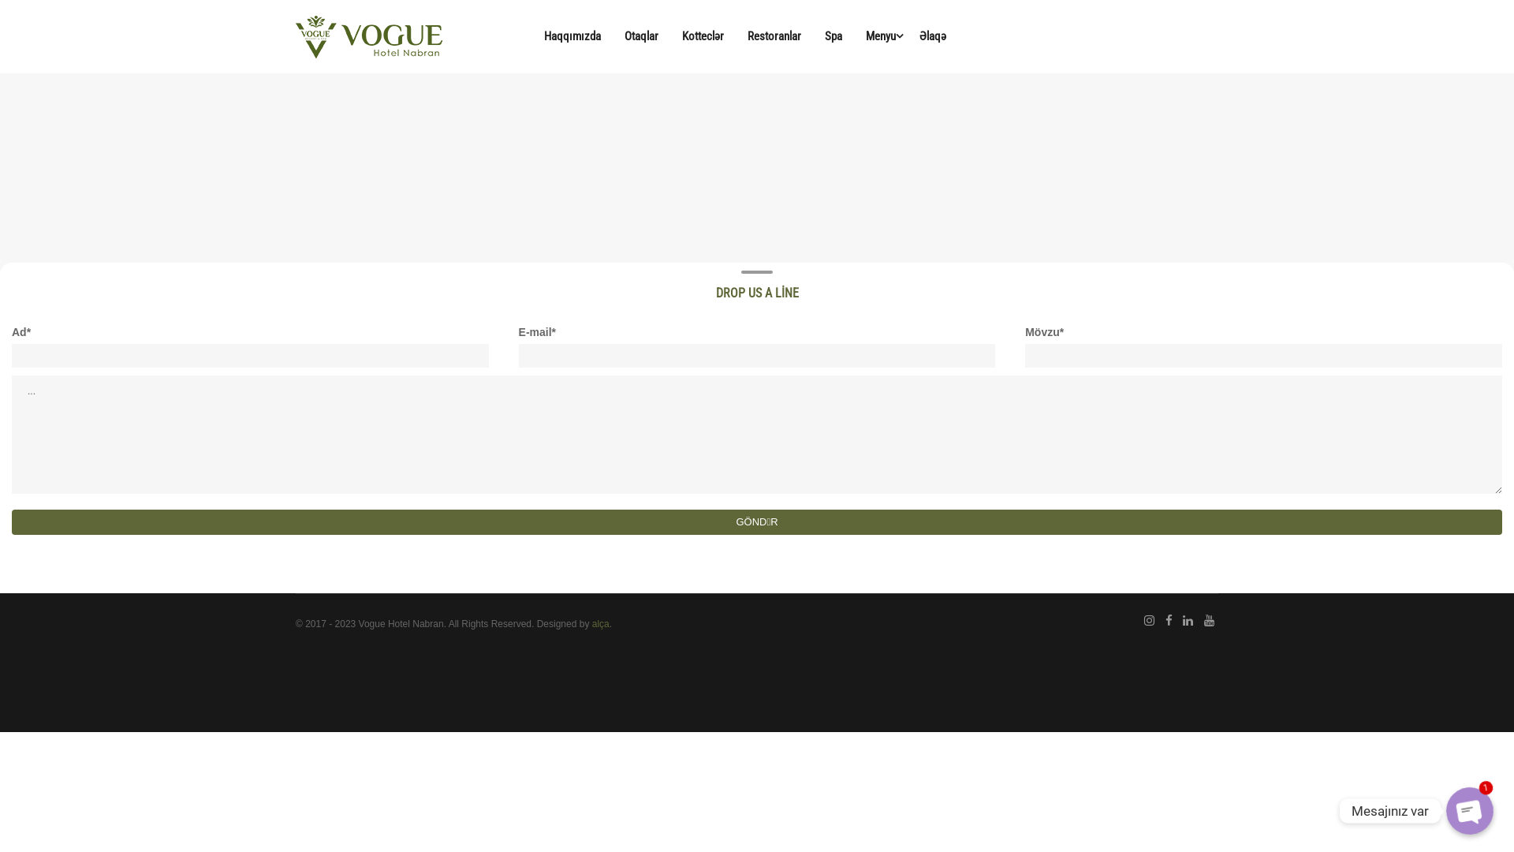 Image resolution: width=1514 pixels, height=852 pixels. Describe the element at coordinates (880, 35) in the screenshot. I see `'Menyu'` at that location.